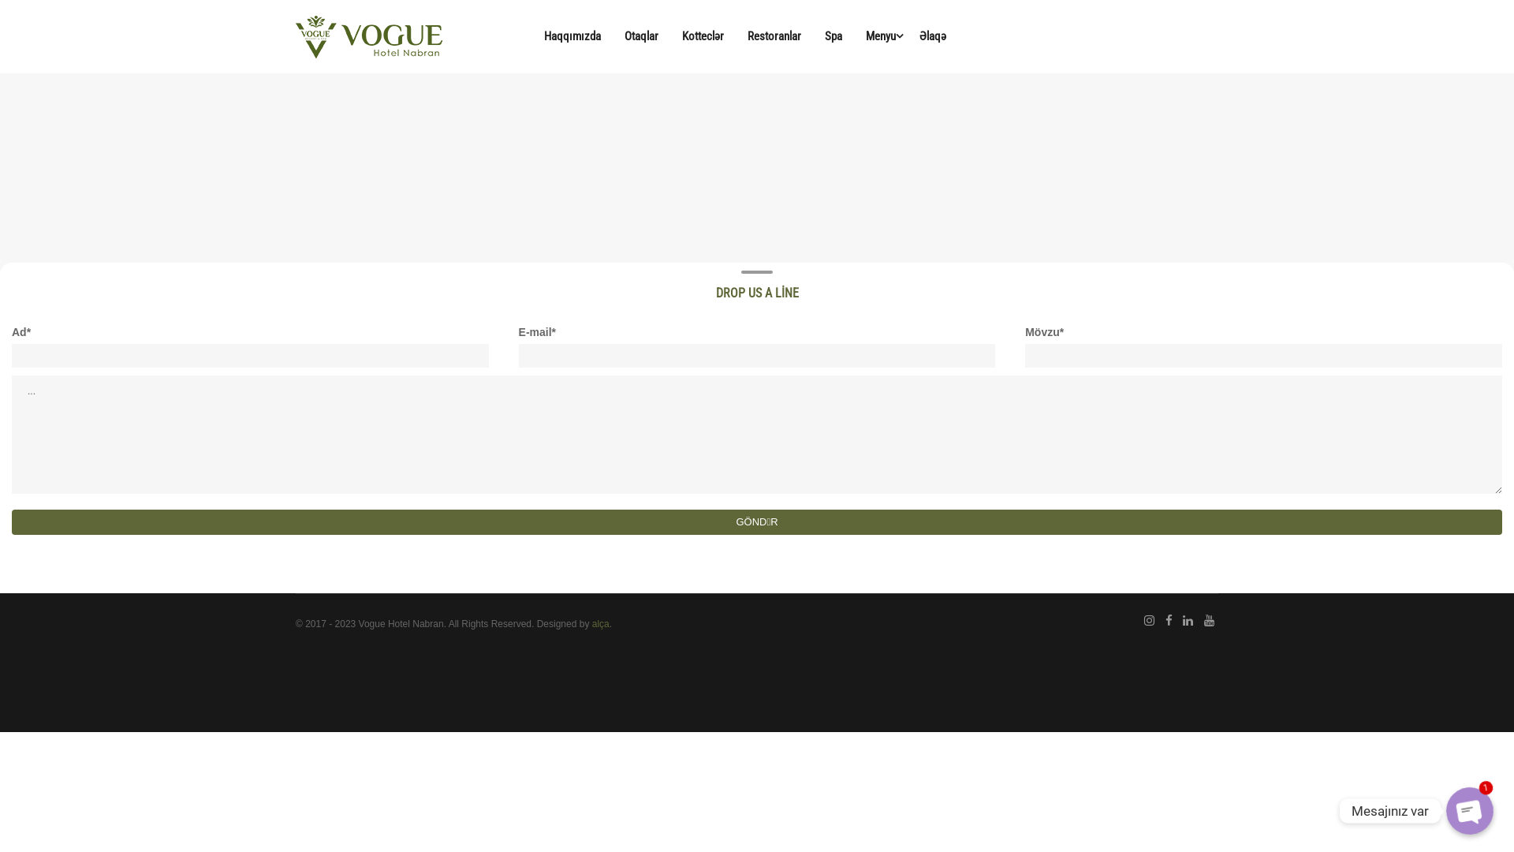 Image resolution: width=1514 pixels, height=852 pixels. Describe the element at coordinates (880, 35) in the screenshot. I see `'Menyu'` at that location.